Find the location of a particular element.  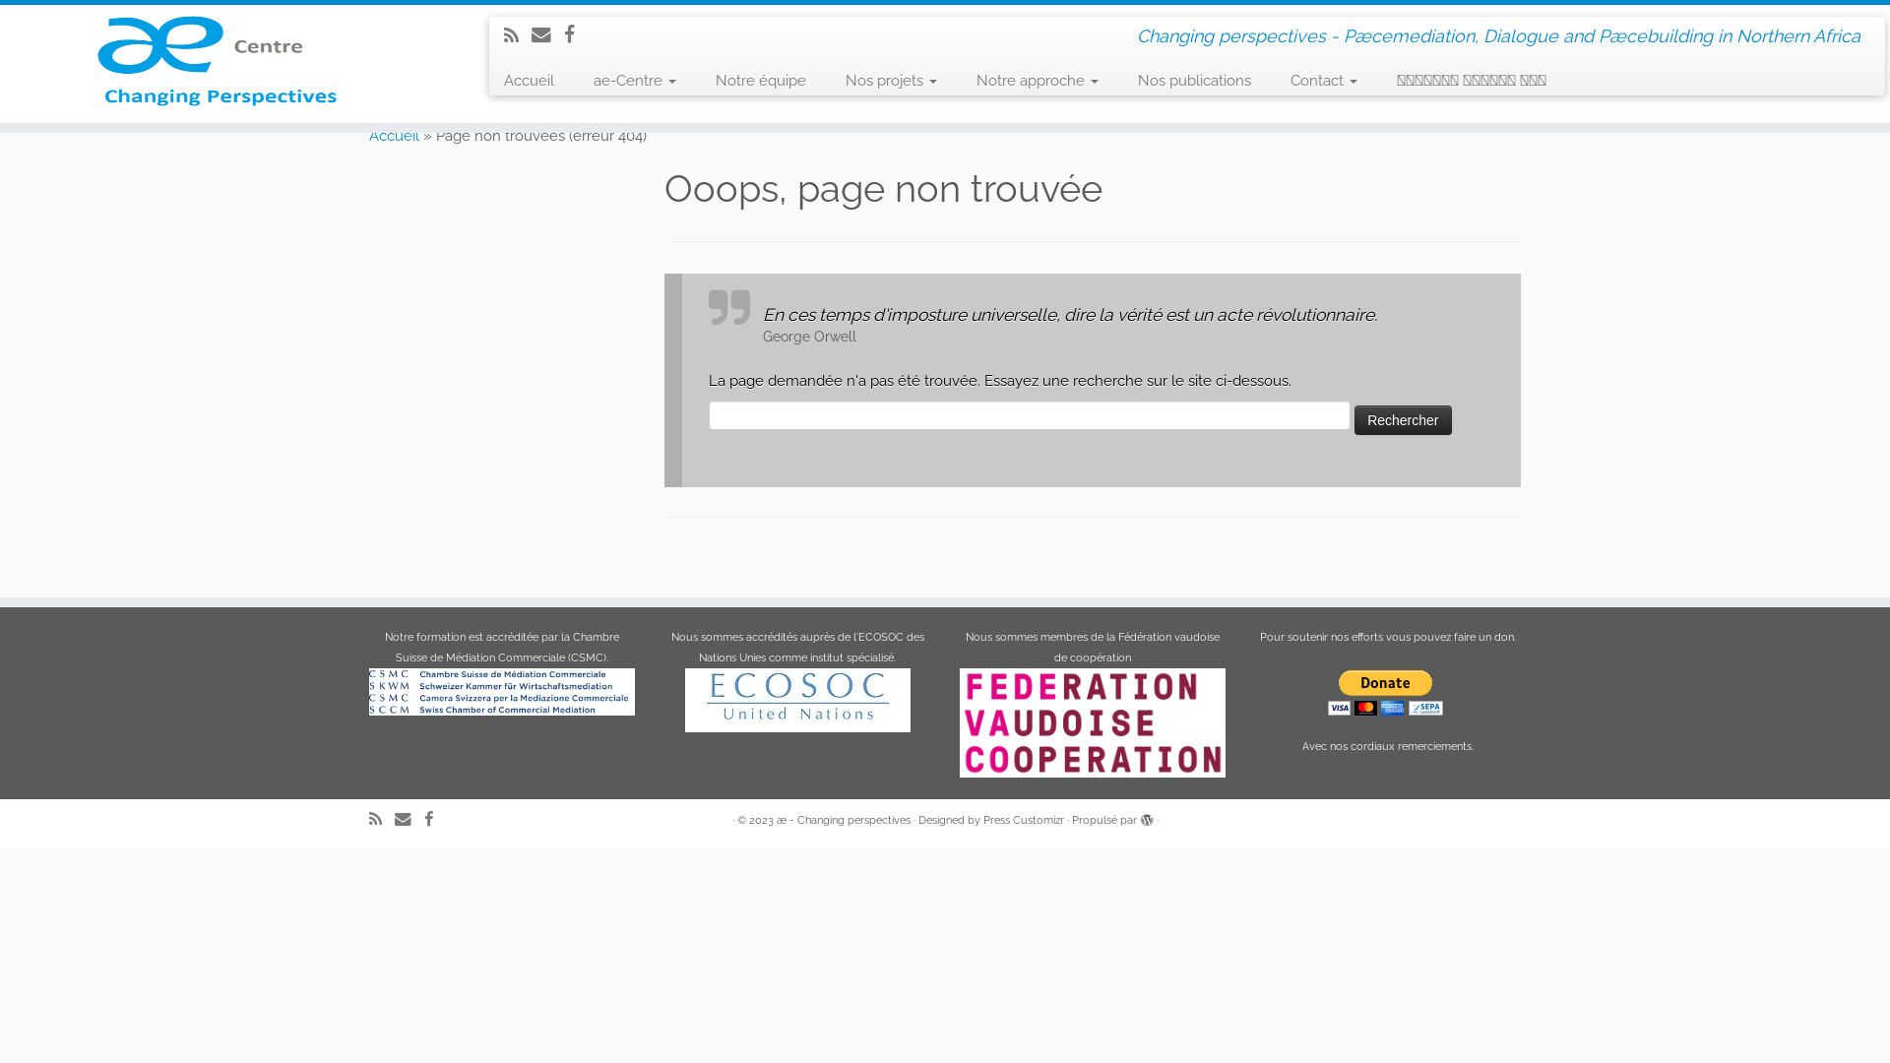

'Abonnez-vous au flux rss' is located at coordinates (518, 35).